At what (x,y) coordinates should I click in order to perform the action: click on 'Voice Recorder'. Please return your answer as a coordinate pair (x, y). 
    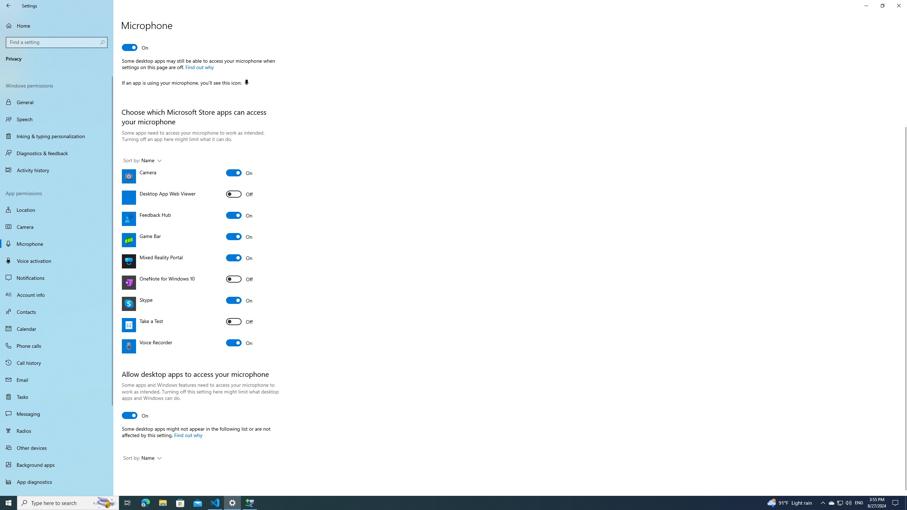
    Looking at the image, I should click on (239, 342).